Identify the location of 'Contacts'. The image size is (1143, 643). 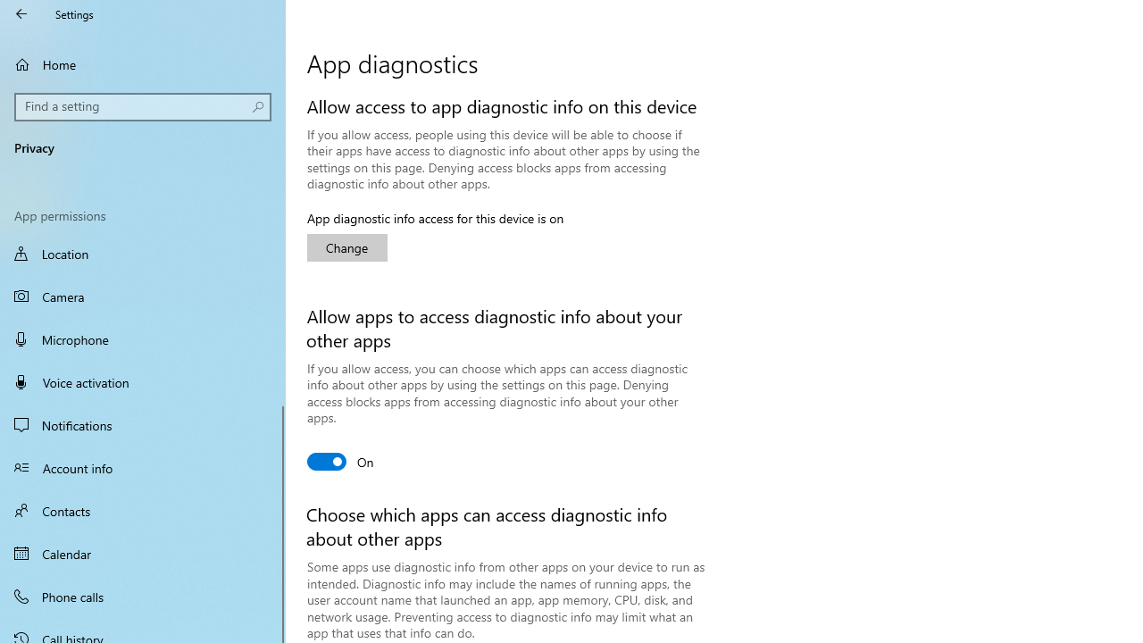
(143, 511).